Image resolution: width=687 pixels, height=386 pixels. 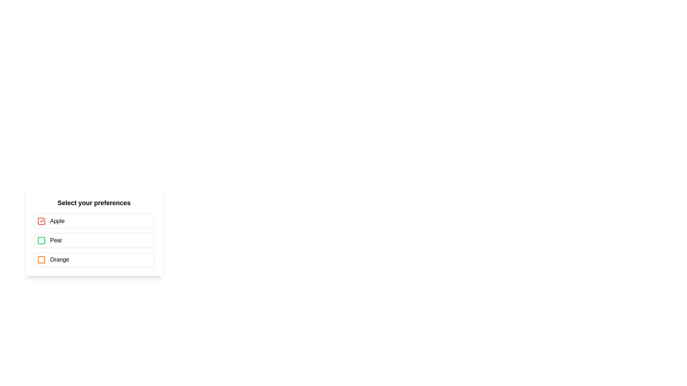 I want to click on the text label associated with the 'Apple' checkbox, which is located in the first row of a list, centered in a bordered and rounded rectangular area, so click(x=57, y=221).